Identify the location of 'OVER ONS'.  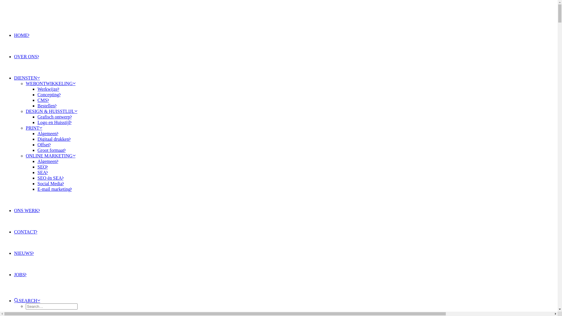
(26, 56).